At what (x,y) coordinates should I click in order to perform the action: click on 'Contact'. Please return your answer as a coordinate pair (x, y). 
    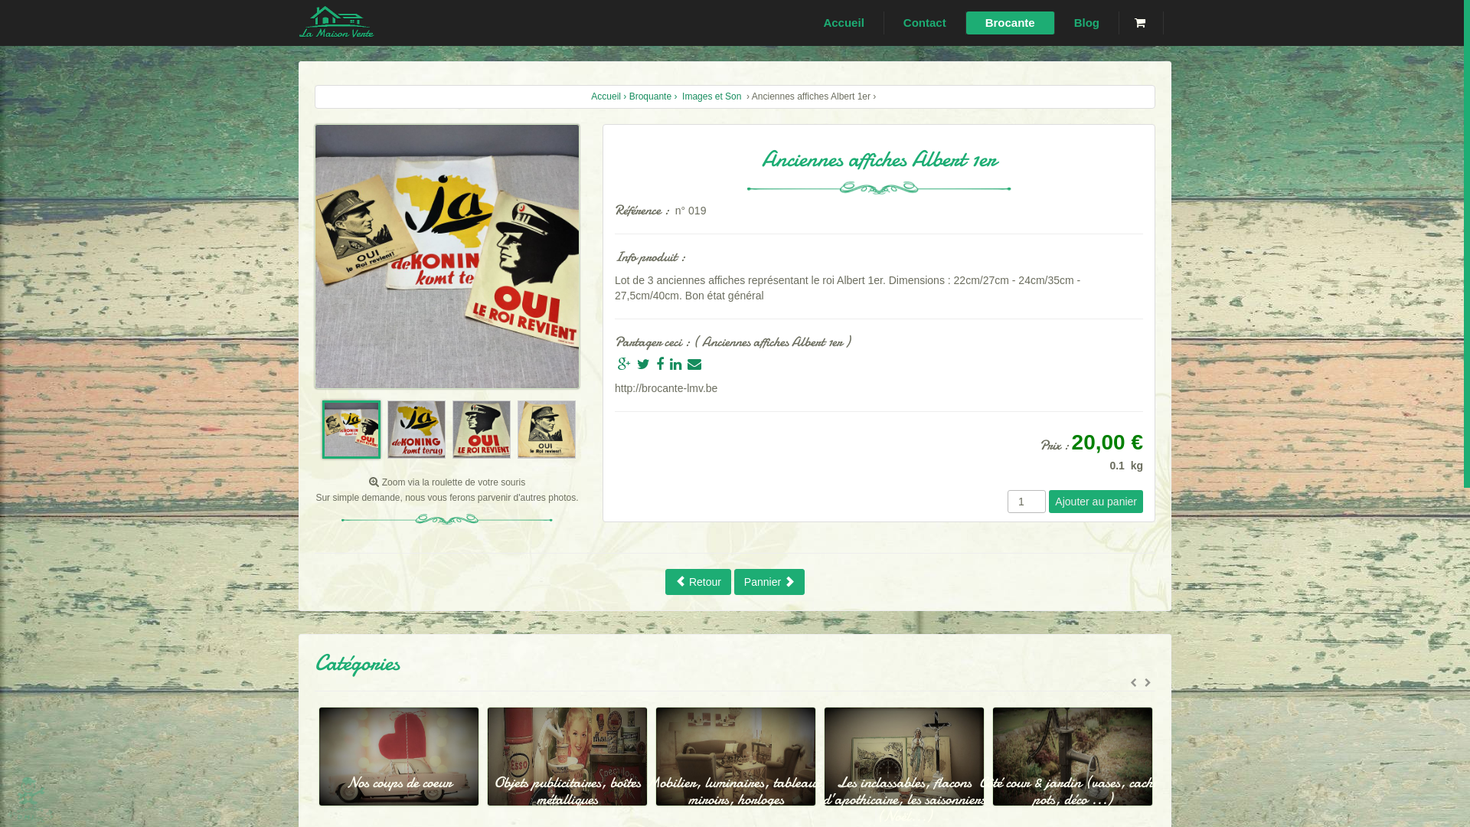
    Looking at the image, I should click on (924, 23).